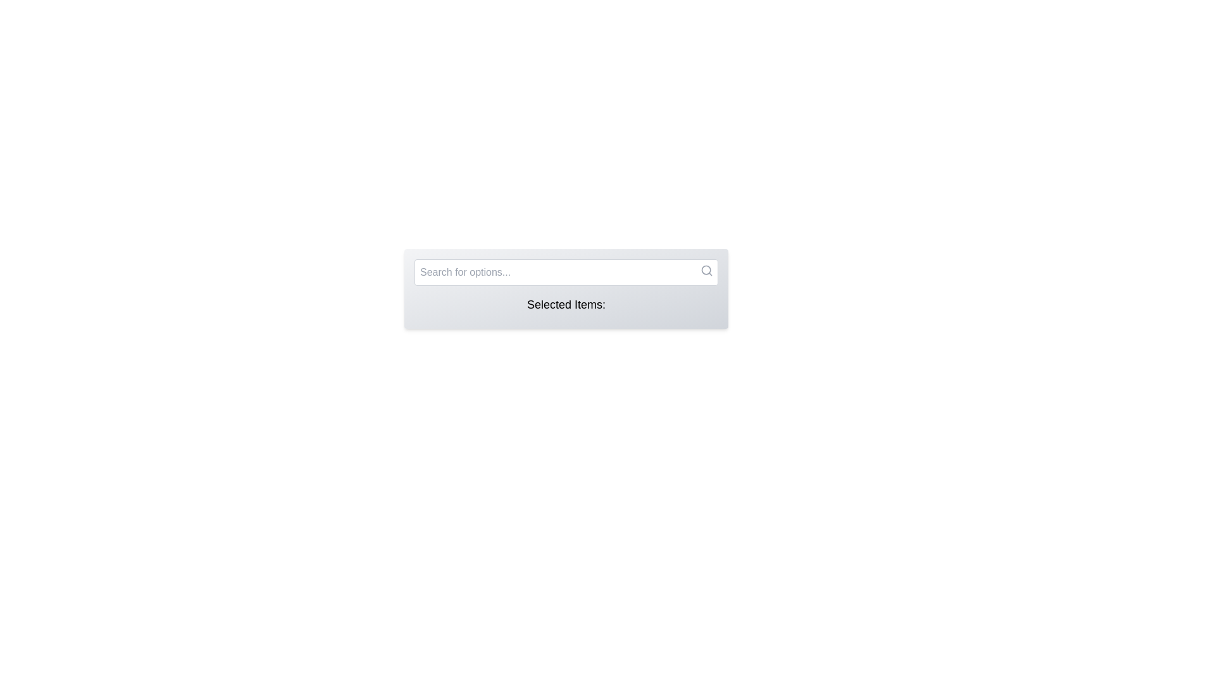 This screenshot has width=1215, height=683. What do you see at coordinates (565, 307) in the screenshot?
I see `the Text Label located directly beneath the search bar, which indicates the purpose of the section below it` at bounding box center [565, 307].